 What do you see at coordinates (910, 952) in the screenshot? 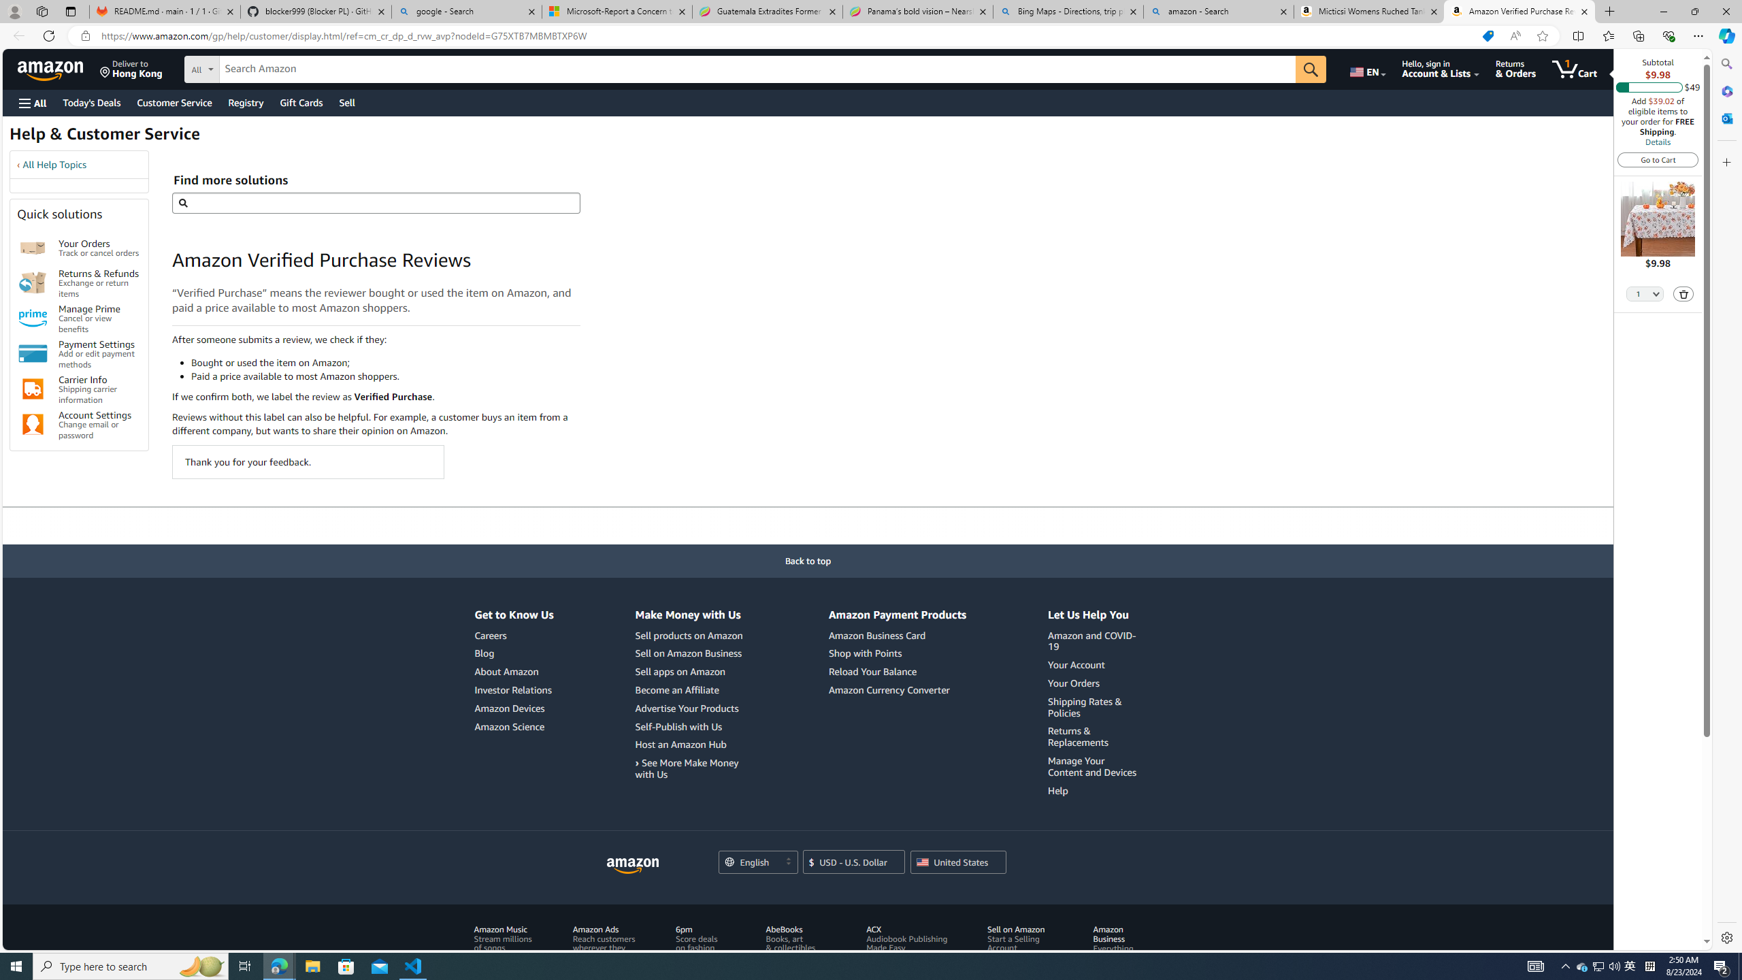
I see `'ACX Audiobook Publishing Made Easy'` at bounding box center [910, 952].